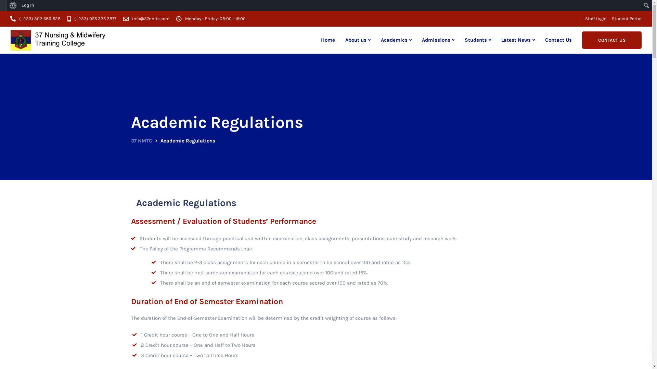  Describe the element at coordinates (206, 301) in the screenshot. I see `'Duration of End of Semester Examination'` at that location.